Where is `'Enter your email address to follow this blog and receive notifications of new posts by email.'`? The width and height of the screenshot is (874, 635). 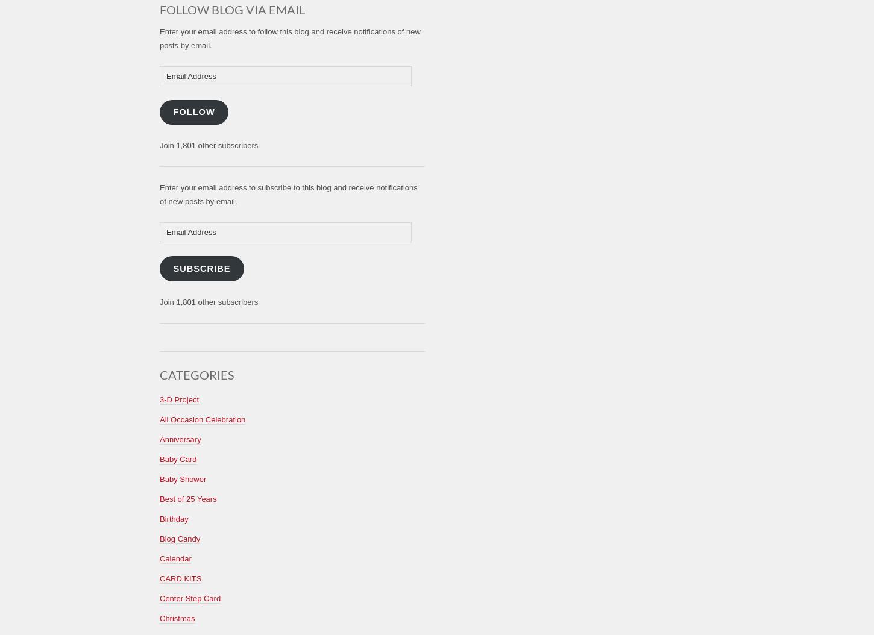 'Enter your email address to follow this blog and receive notifications of new posts by email.' is located at coordinates (289, 37).